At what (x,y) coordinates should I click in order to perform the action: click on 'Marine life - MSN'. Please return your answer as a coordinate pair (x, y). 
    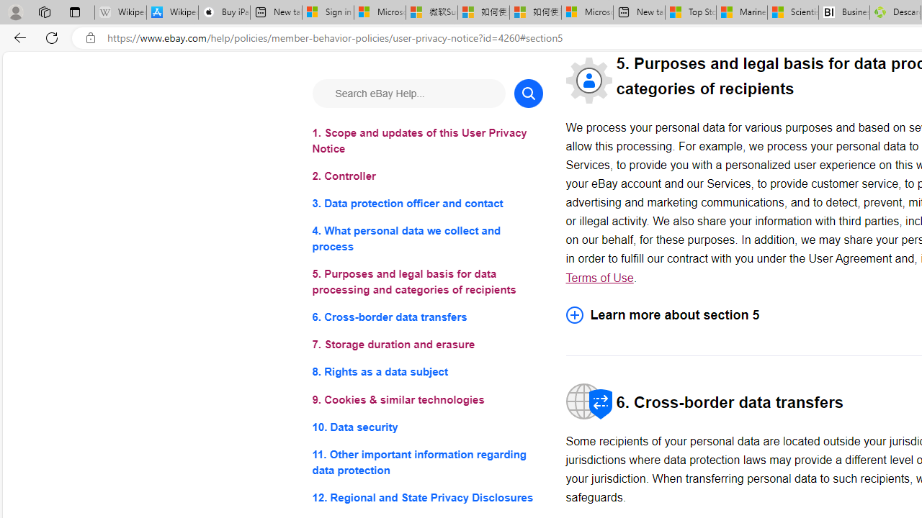
    Looking at the image, I should click on (741, 12).